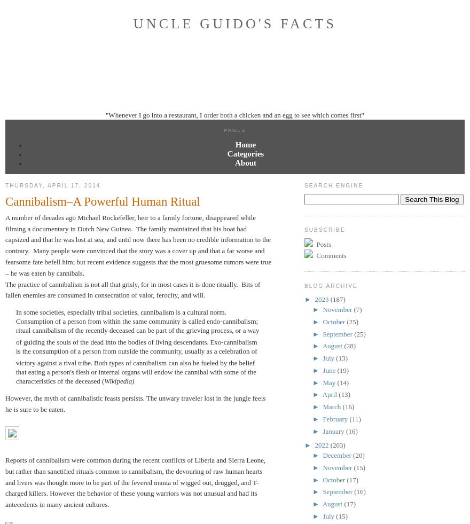 The image size is (470, 524). Describe the element at coordinates (136, 372) in the screenshot. I see `'Both types of cannibalism can also be fueled by the belief that eating a person's flesh or internal organs will endow the cannibal with some of the characteristics of the deceased ('` at that location.